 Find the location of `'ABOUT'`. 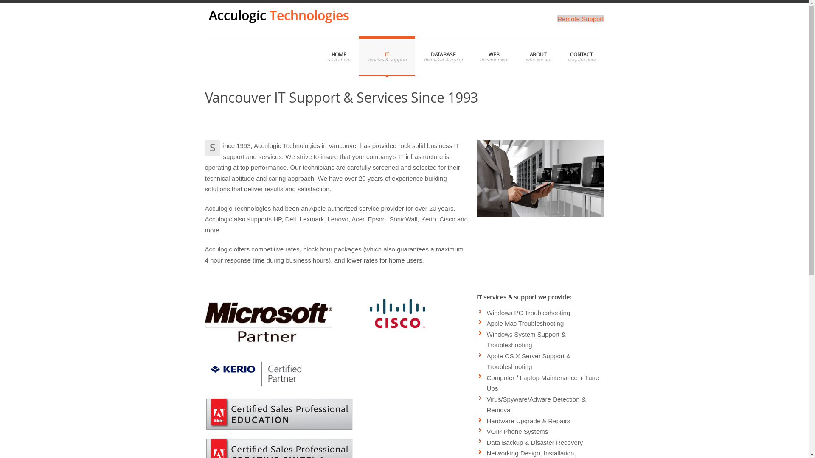

'ABOUT' is located at coordinates (537, 56).